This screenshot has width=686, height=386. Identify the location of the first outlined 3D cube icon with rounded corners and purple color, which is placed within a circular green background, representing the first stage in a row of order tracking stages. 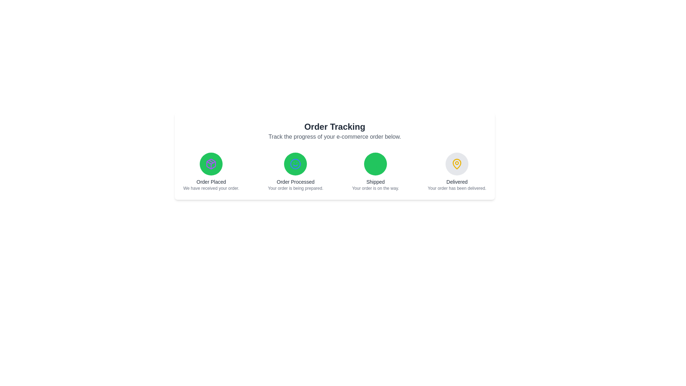
(211, 164).